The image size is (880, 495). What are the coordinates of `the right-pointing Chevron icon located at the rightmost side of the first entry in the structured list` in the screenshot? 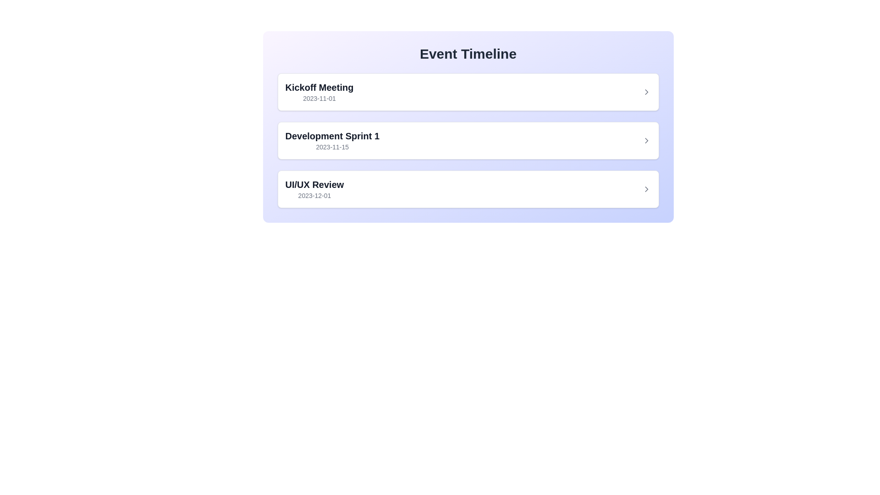 It's located at (646, 92).